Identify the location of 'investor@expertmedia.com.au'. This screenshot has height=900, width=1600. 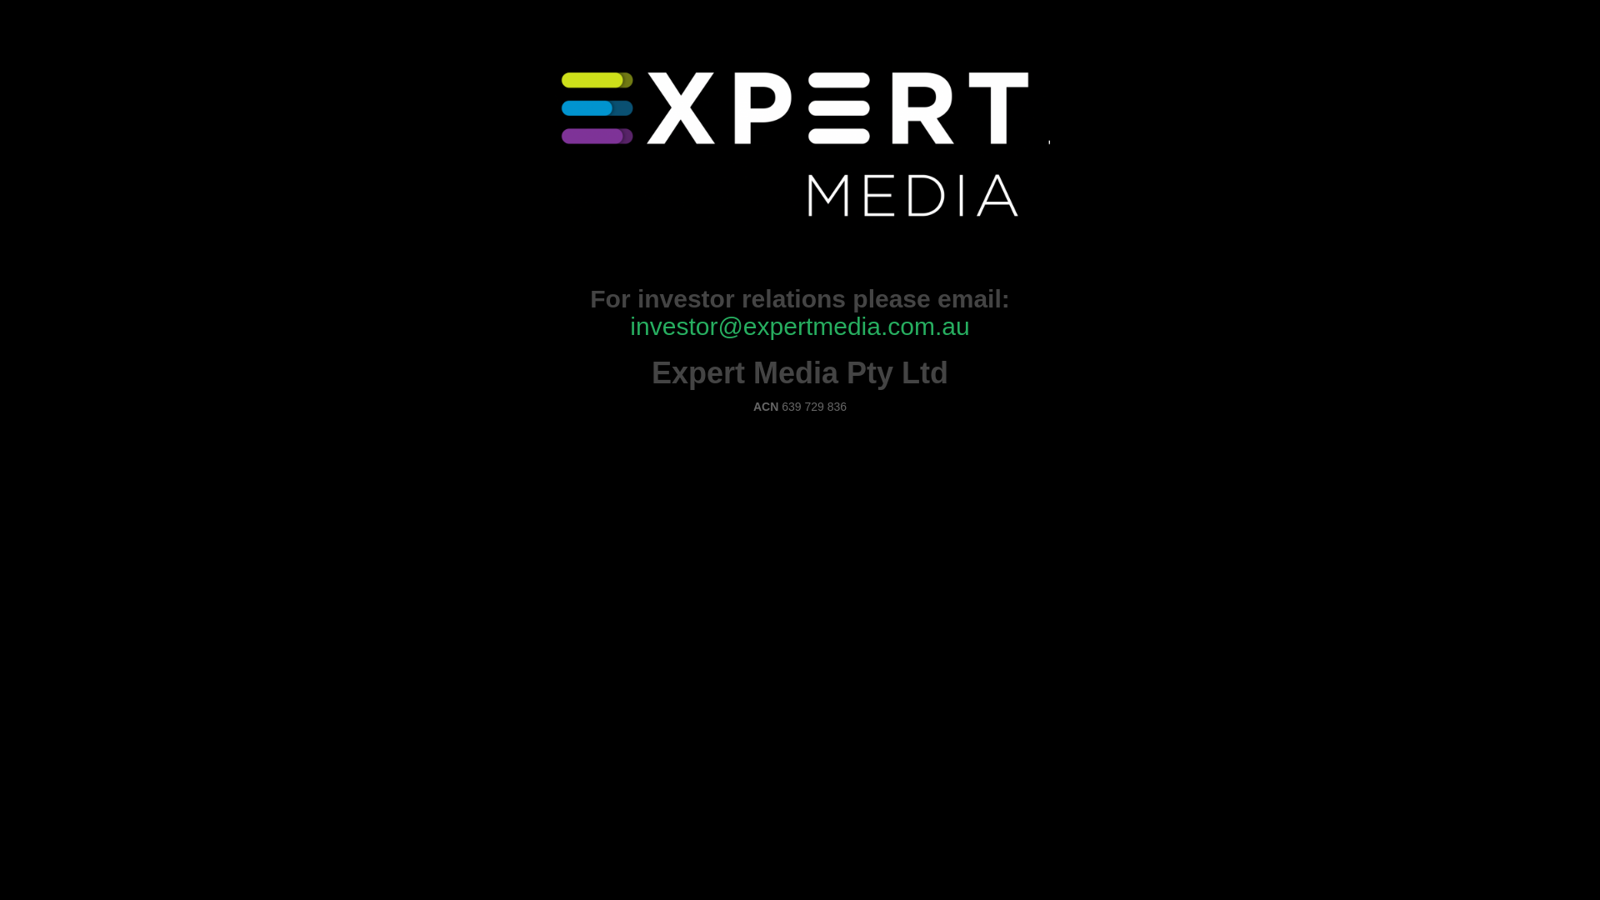
(798, 326).